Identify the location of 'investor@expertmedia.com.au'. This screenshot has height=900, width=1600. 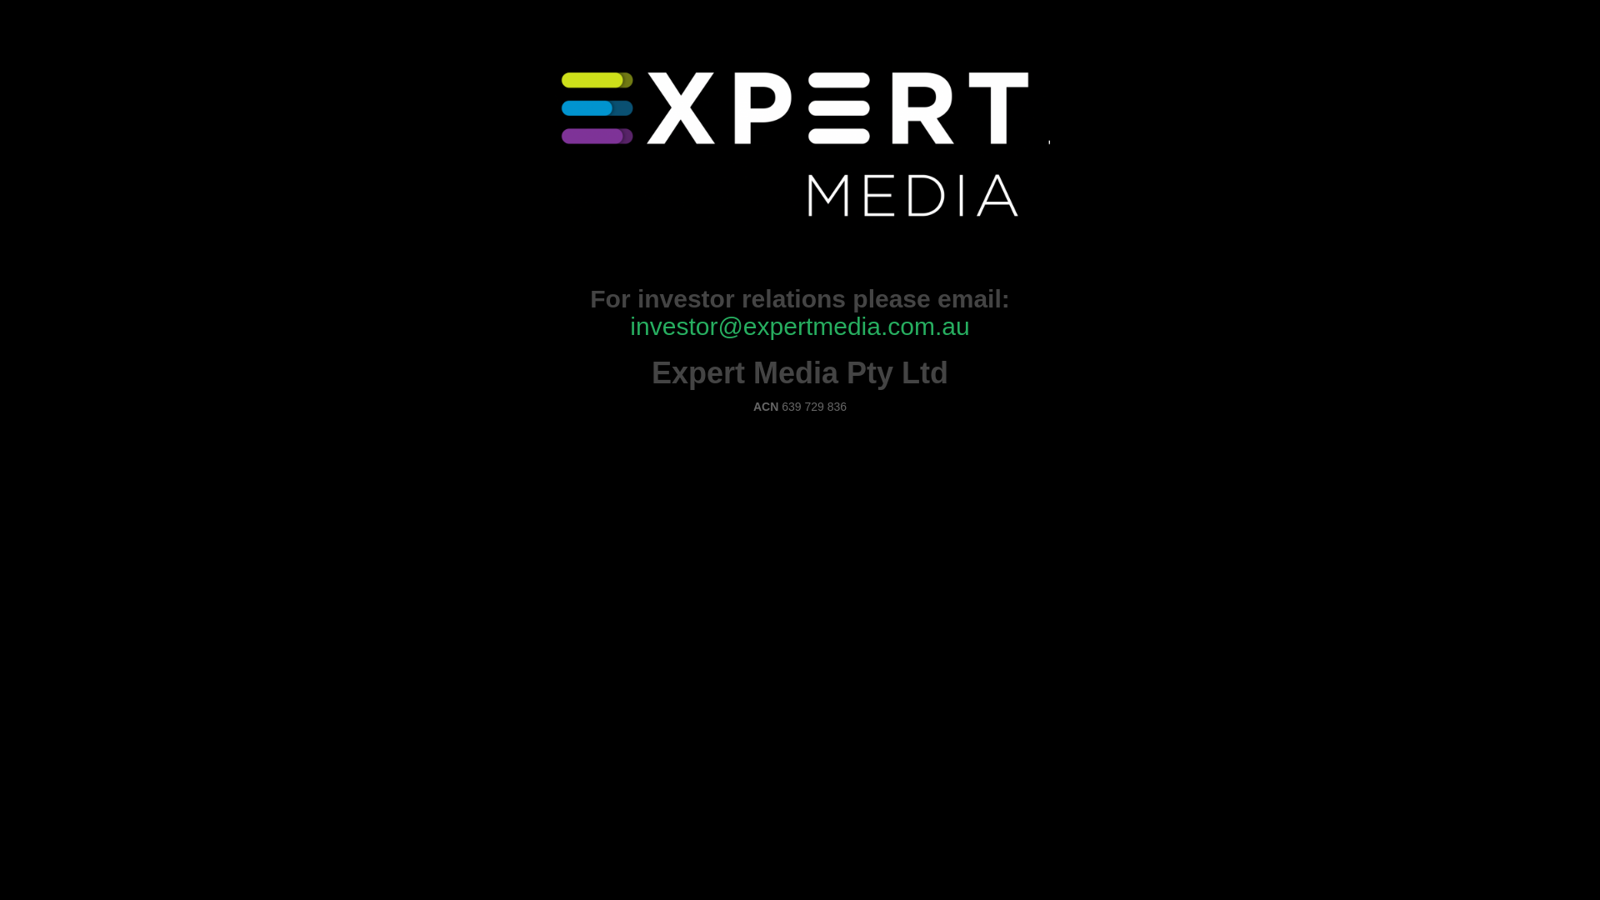
(798, 326).